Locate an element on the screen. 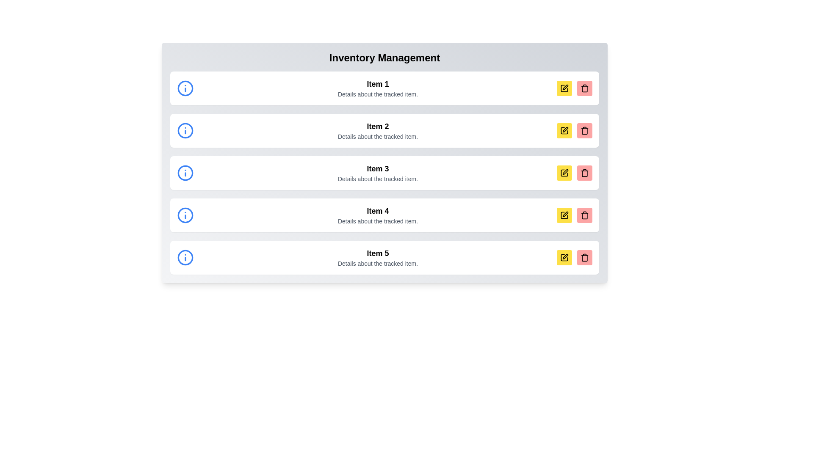 Image resolution: width=813 pixels, height=457 pixels. the circular shape of the 'i' icon, which is part of an information SVG icon located in the leftmost column of the fourth row in the list layout is located at coordinates (185, 215).